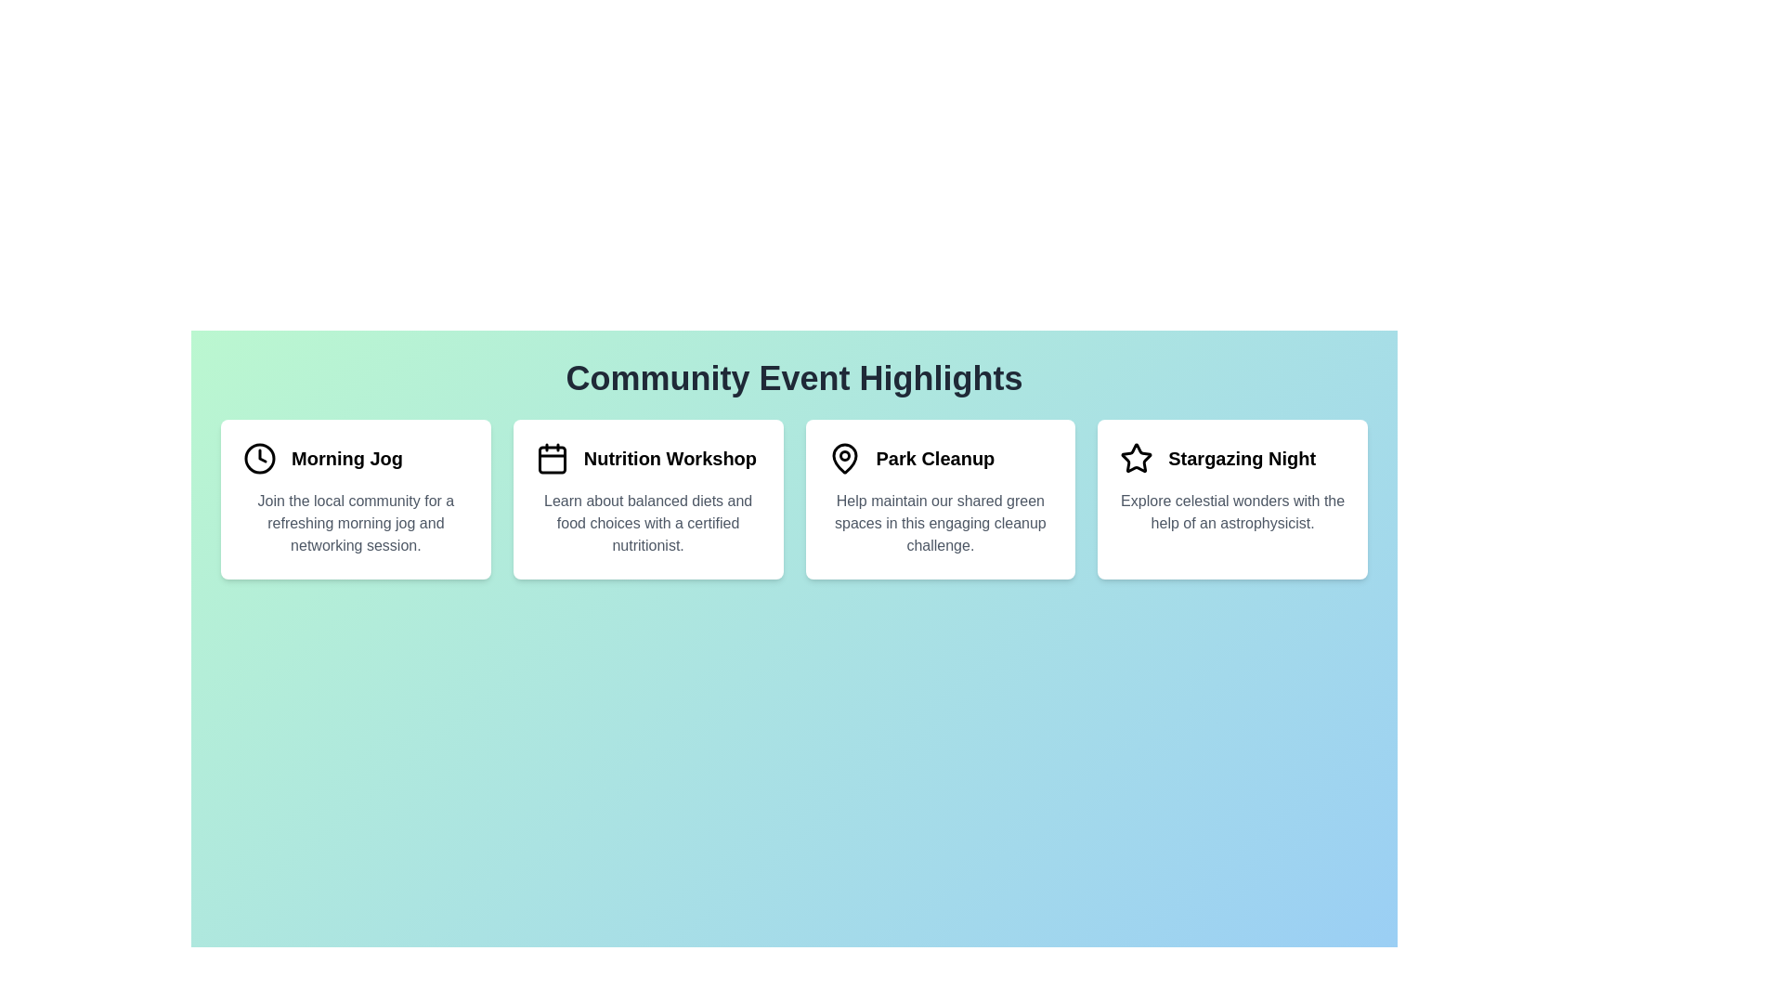 Image resolution: width=1783 pixels, height=1003 pixels. I want to click on the text label with the title 'Park Cleanup', which is the header of the third card in the layout, so click(940, 458).